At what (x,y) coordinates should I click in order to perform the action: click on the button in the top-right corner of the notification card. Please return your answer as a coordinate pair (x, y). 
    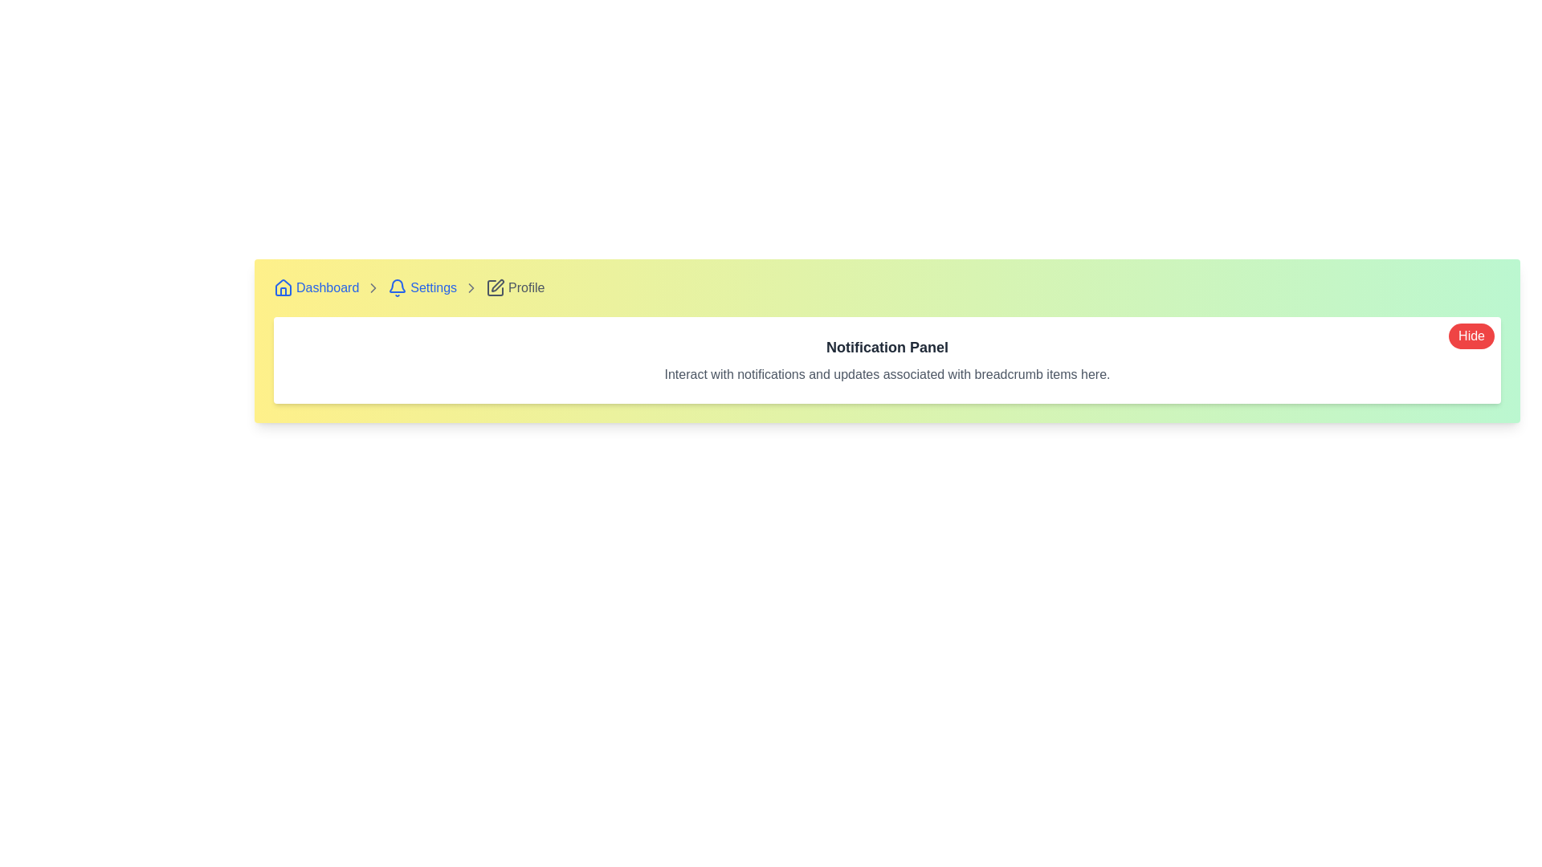
    Looking at the image, I should click on (1471, 336).